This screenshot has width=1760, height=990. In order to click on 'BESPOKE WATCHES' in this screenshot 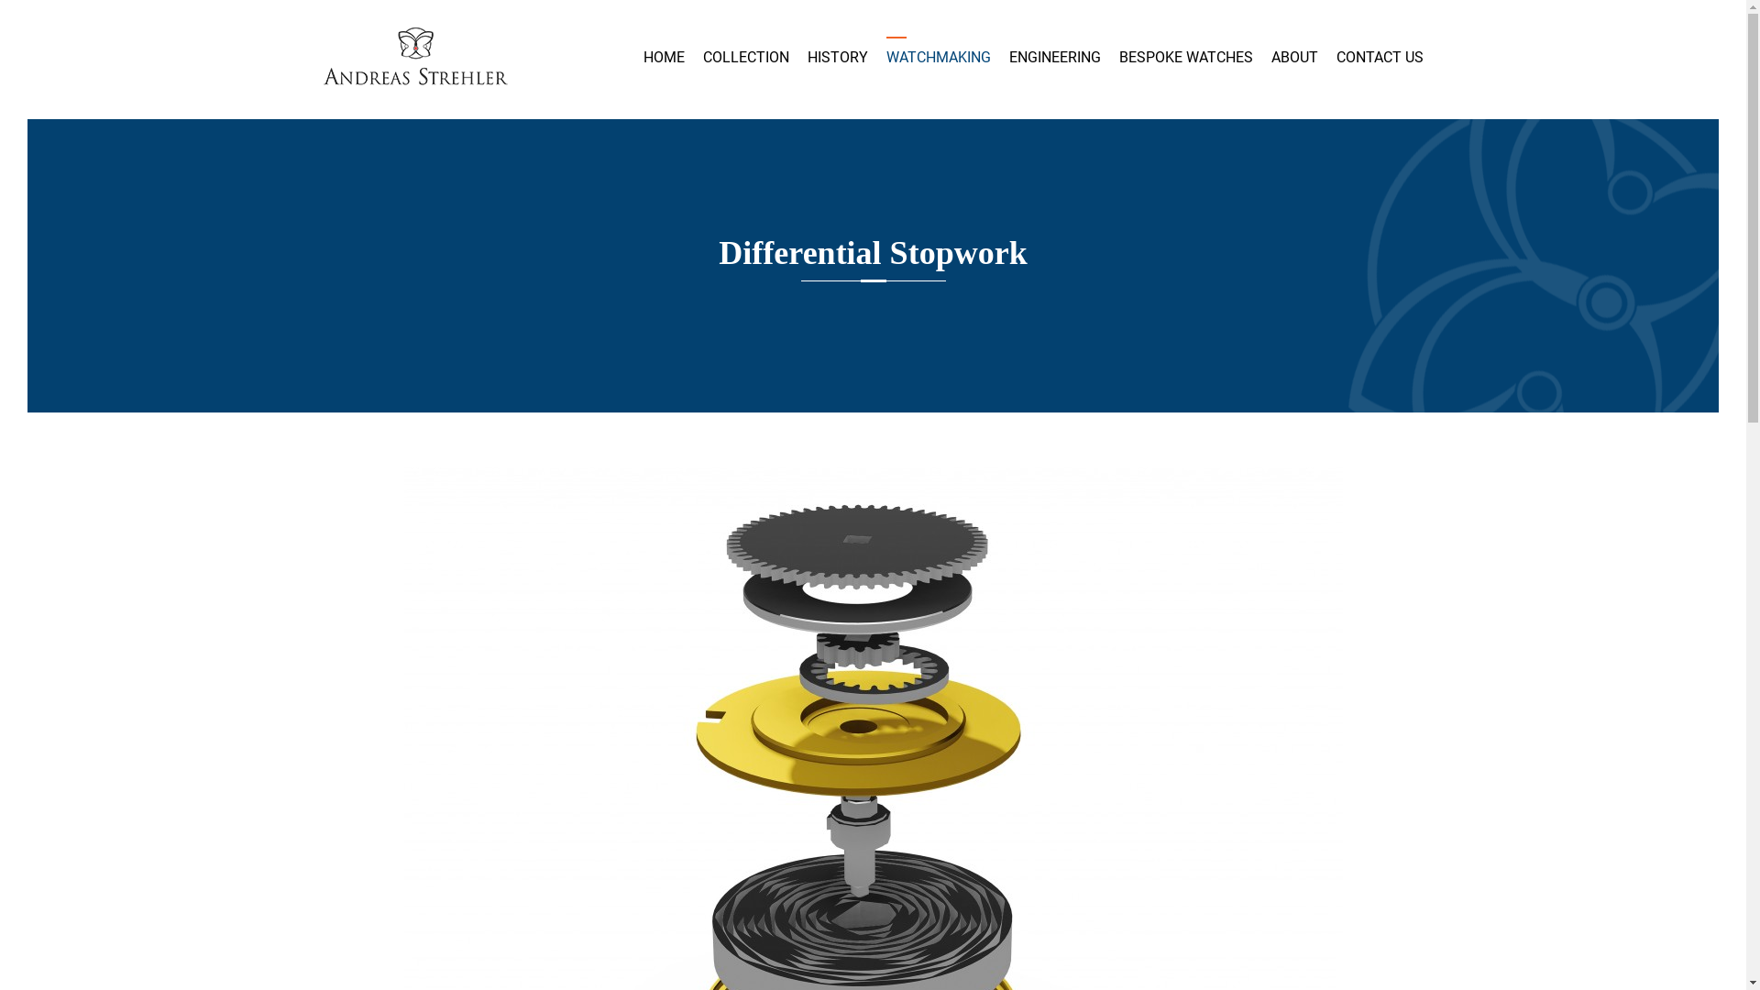, I will do `click(1184, 56)`.